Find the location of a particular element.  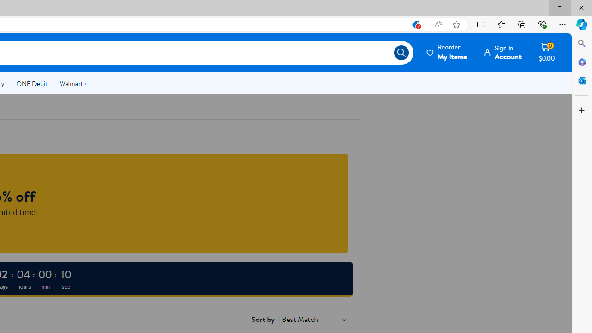

'ReorderMy Items' is located at coordinates (447, 52).